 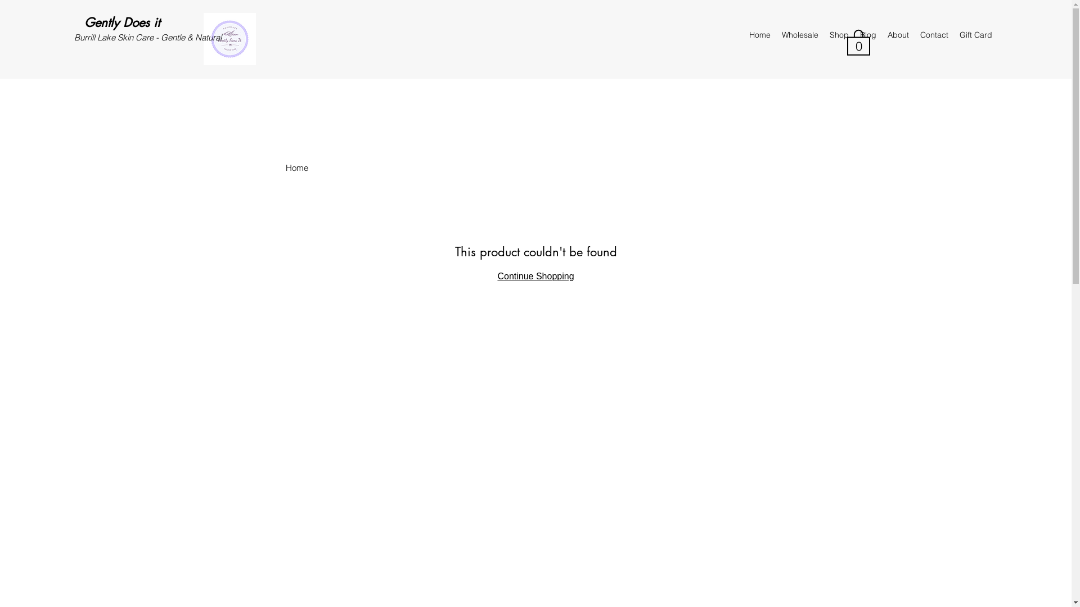 I want to click on 'Contact', so click(x=934, y=34).